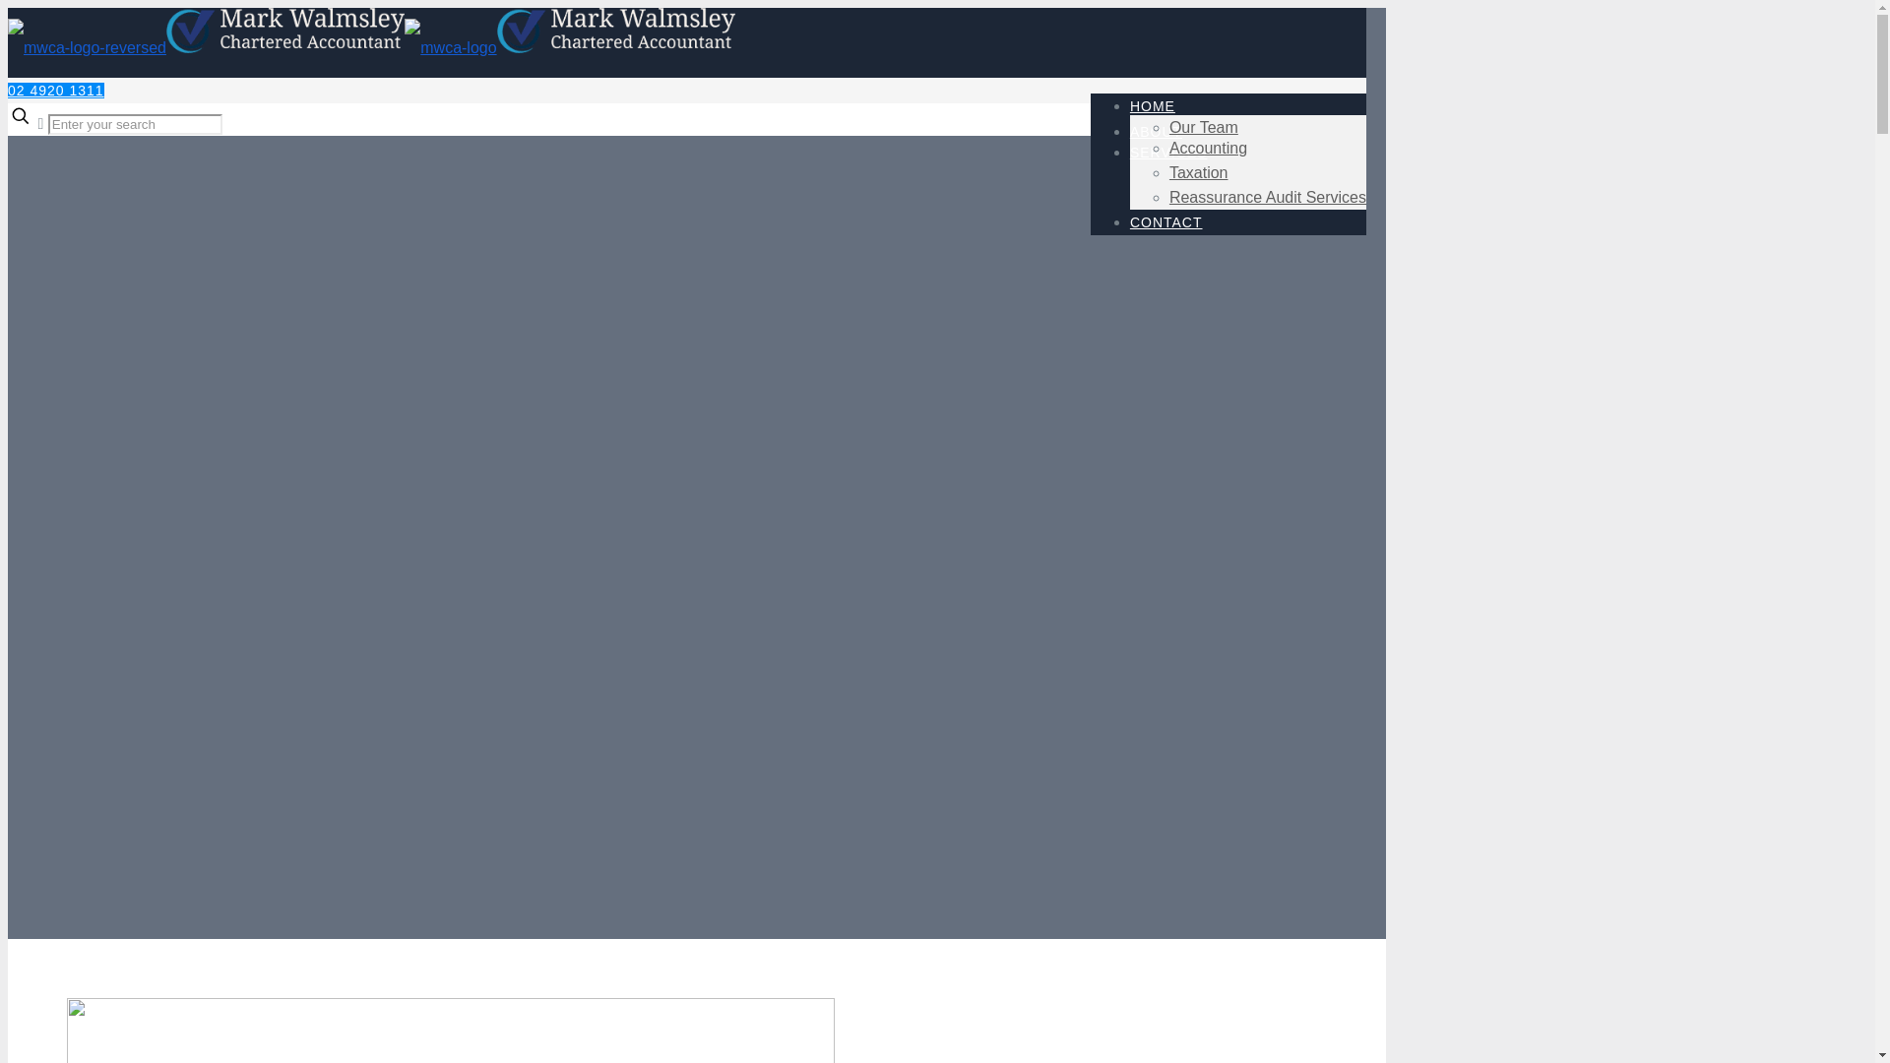 The width and height of the screenshot is (1890, 1063). Describe the element at coordinates (1166, 221) in the screenshot. I see `'CONTACT'` at that location.